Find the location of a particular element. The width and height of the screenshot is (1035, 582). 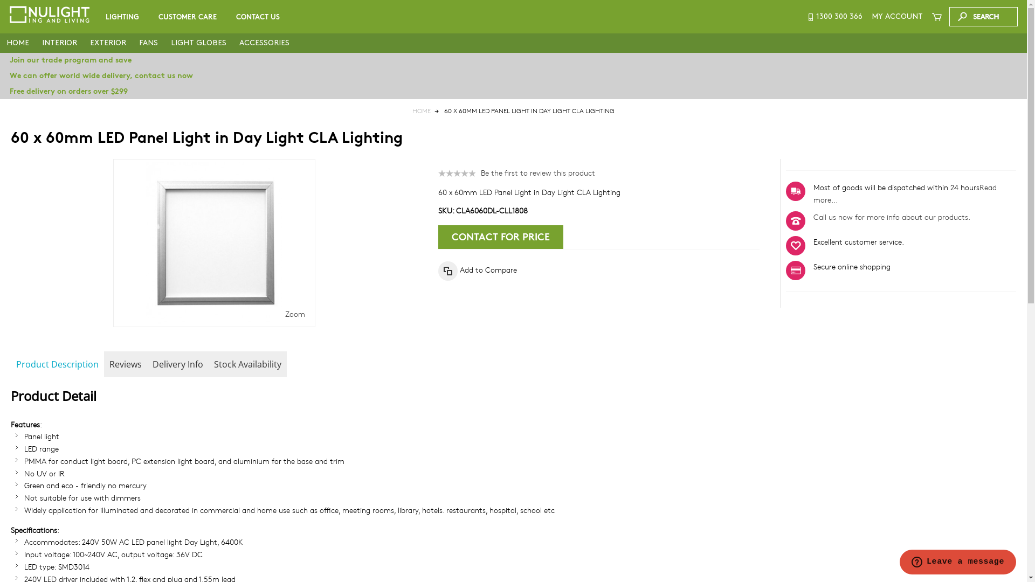

'CONTACT FOR PRICE' is located at coordinates (500, 236).